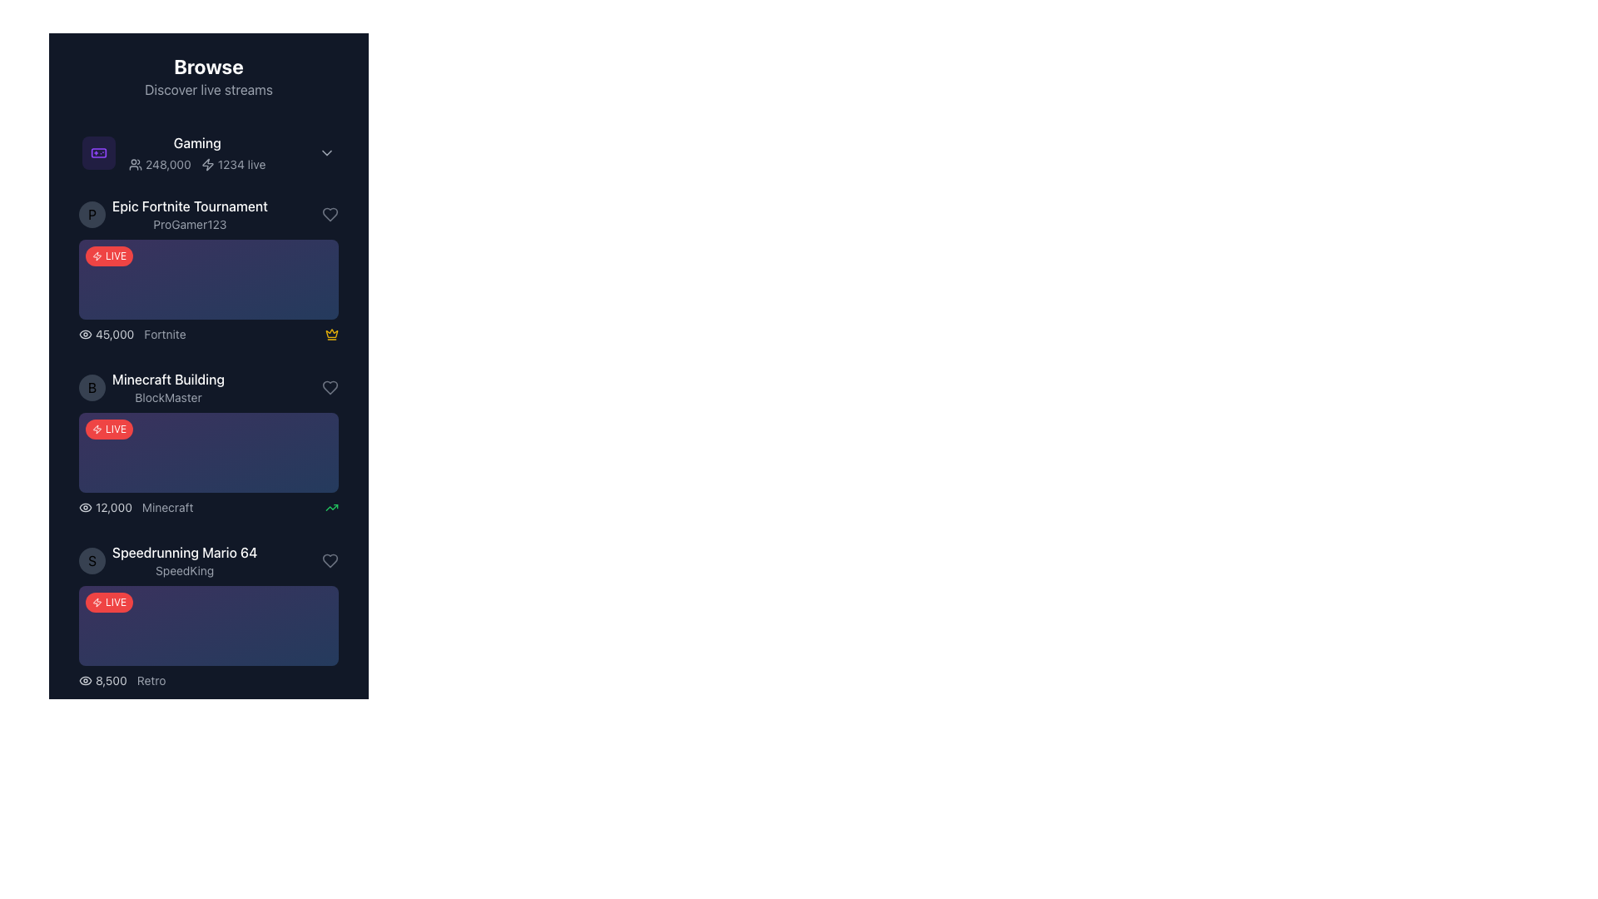 This screenshot has height=899, width=1598. Describe the element at coordinates (197, 153) in the screenshot. I see `the 'Gaming' category header Text block with icons` at that location.